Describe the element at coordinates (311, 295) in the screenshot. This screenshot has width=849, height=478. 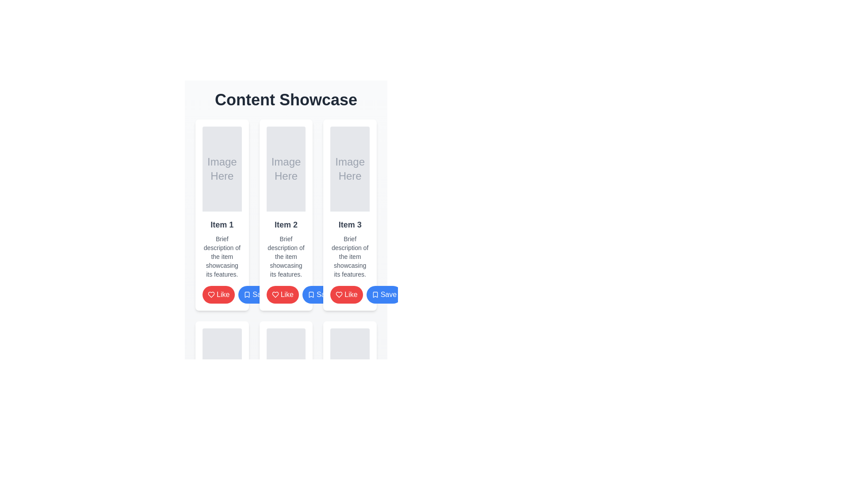
I see `the bookmark-shaped icon with a blue background on the right side of the 'Save' button` at that location.